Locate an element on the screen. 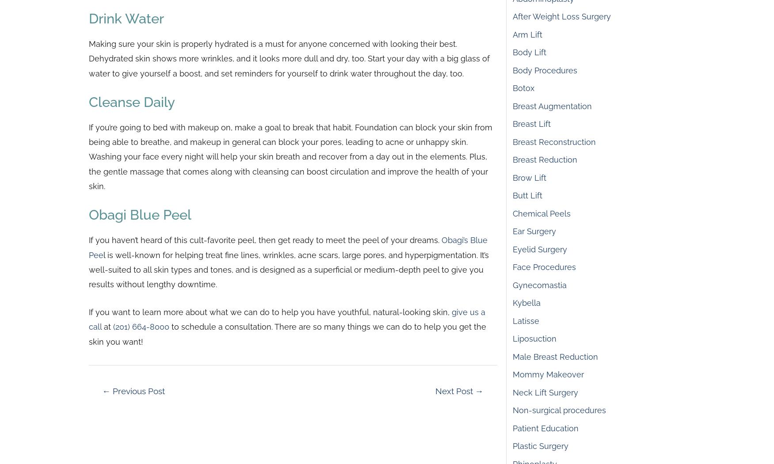 Image resolution: width=774 pixels, height=464 pixels. 'Quick Links' is located at coordinates (228, 194).